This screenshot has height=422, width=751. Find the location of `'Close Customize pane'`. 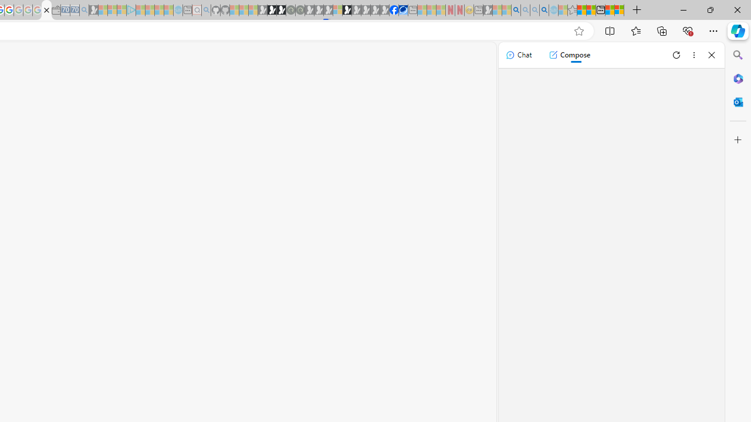

'Close Customize pane' is located at coordinates (738, 139).